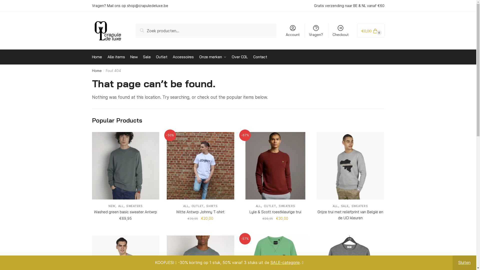 This screenshot has height=270, width=480. Describe the element at coordinates (212, 56) in the screenshot. I see `'Onze merken'` at that location.